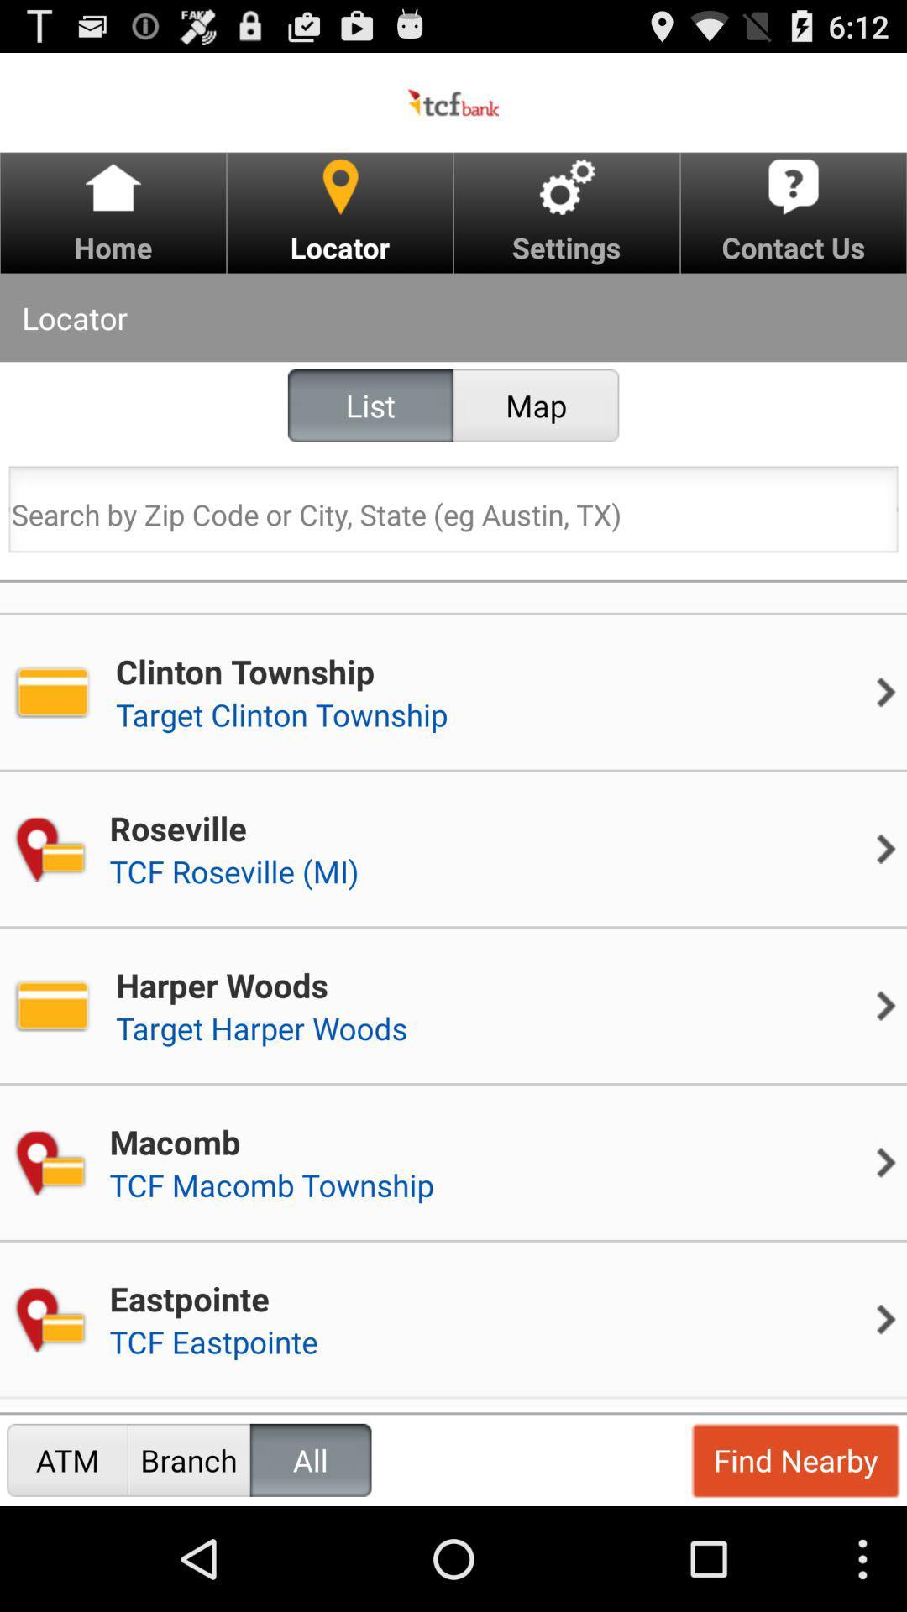 The image size is (907, 1612). Describe the element at coordinates (370, 406) in the screenshot. I see `list radio button` at that location.